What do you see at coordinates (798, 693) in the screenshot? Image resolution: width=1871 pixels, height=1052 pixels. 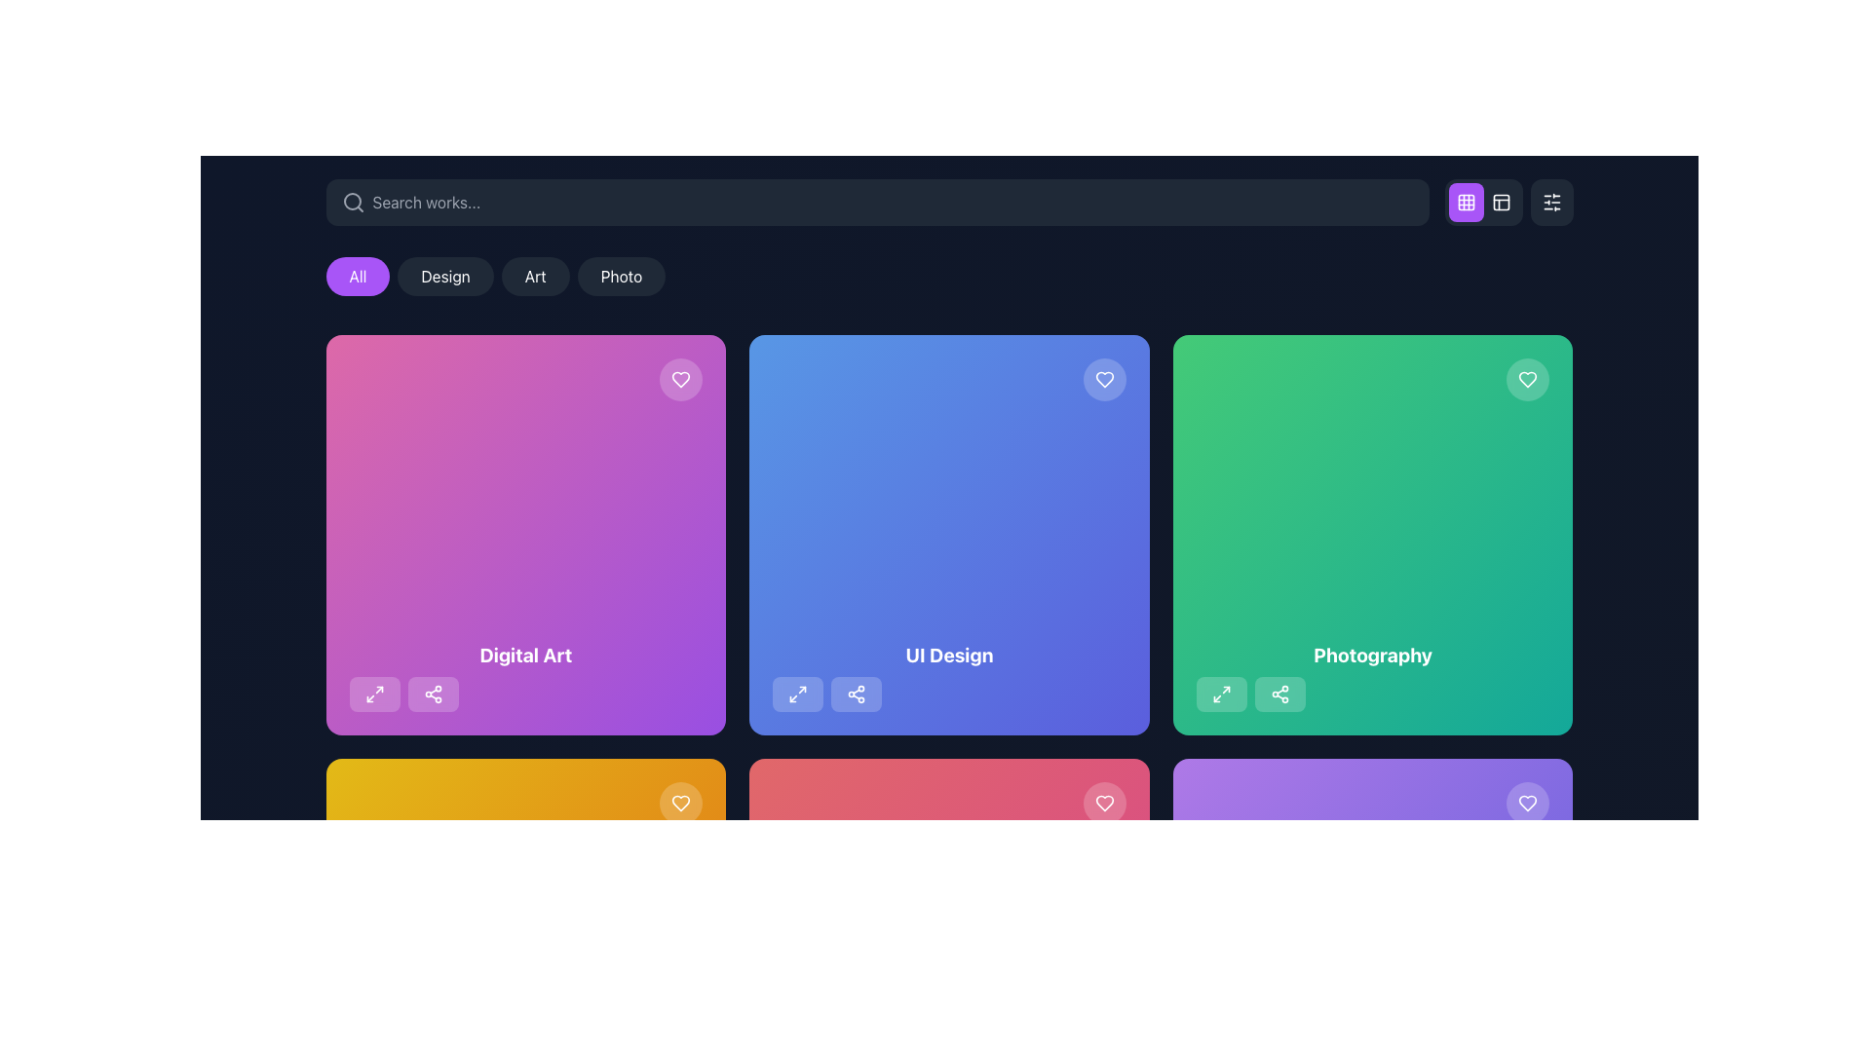 I see `the icon button resembling intersecting arrows pointing outward, located within the blue card labeled 'UI Design'` at bounding box center [798, 693].